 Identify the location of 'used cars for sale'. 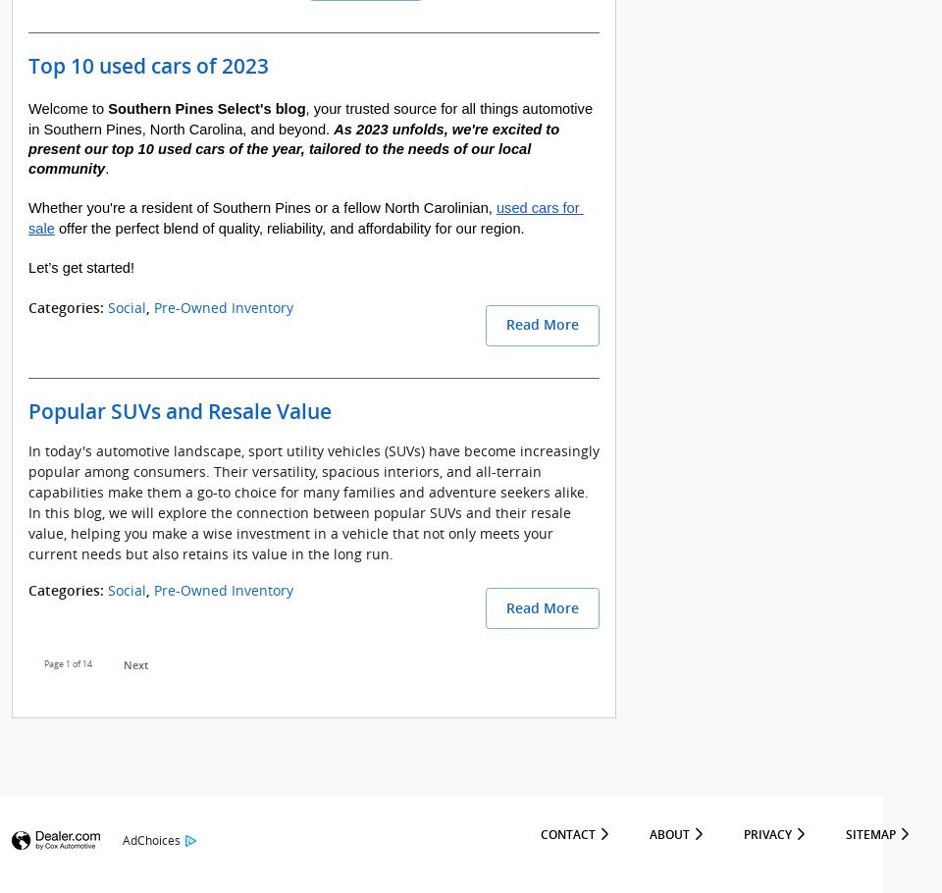
(305, 217).